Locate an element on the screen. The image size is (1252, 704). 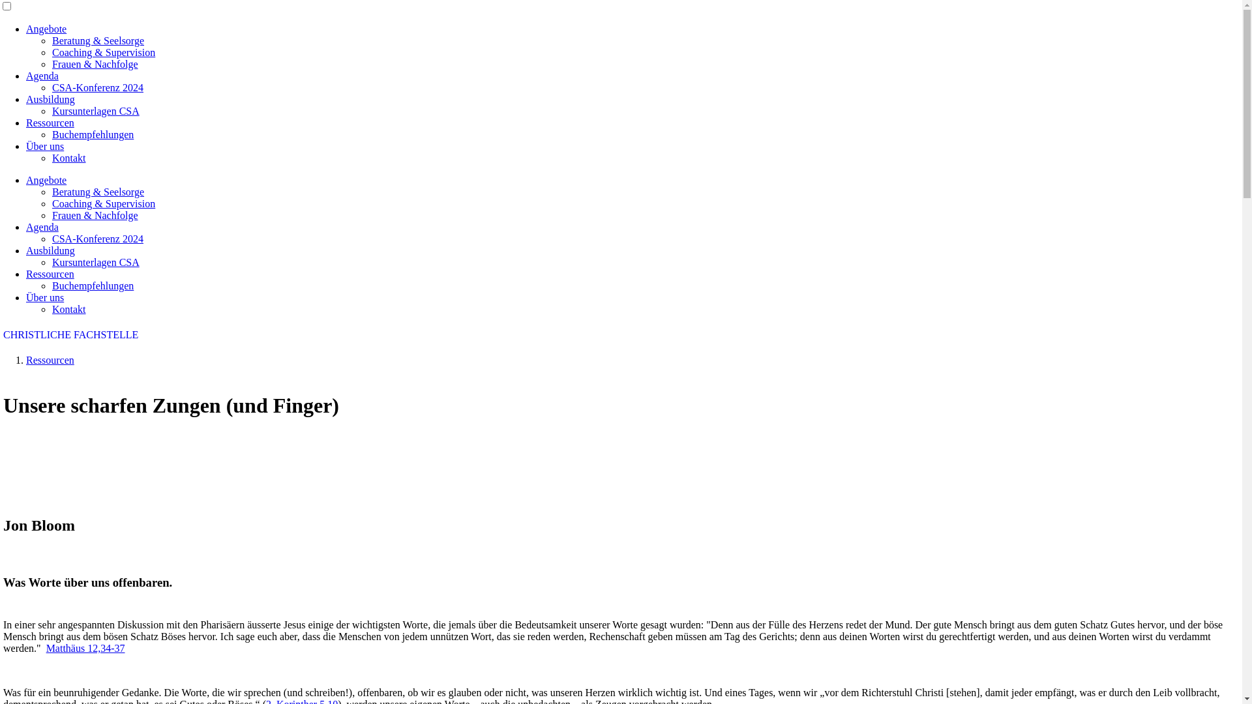
'CHRISTLICHE FACHSTELLE' is located at coordinates (70, 334).